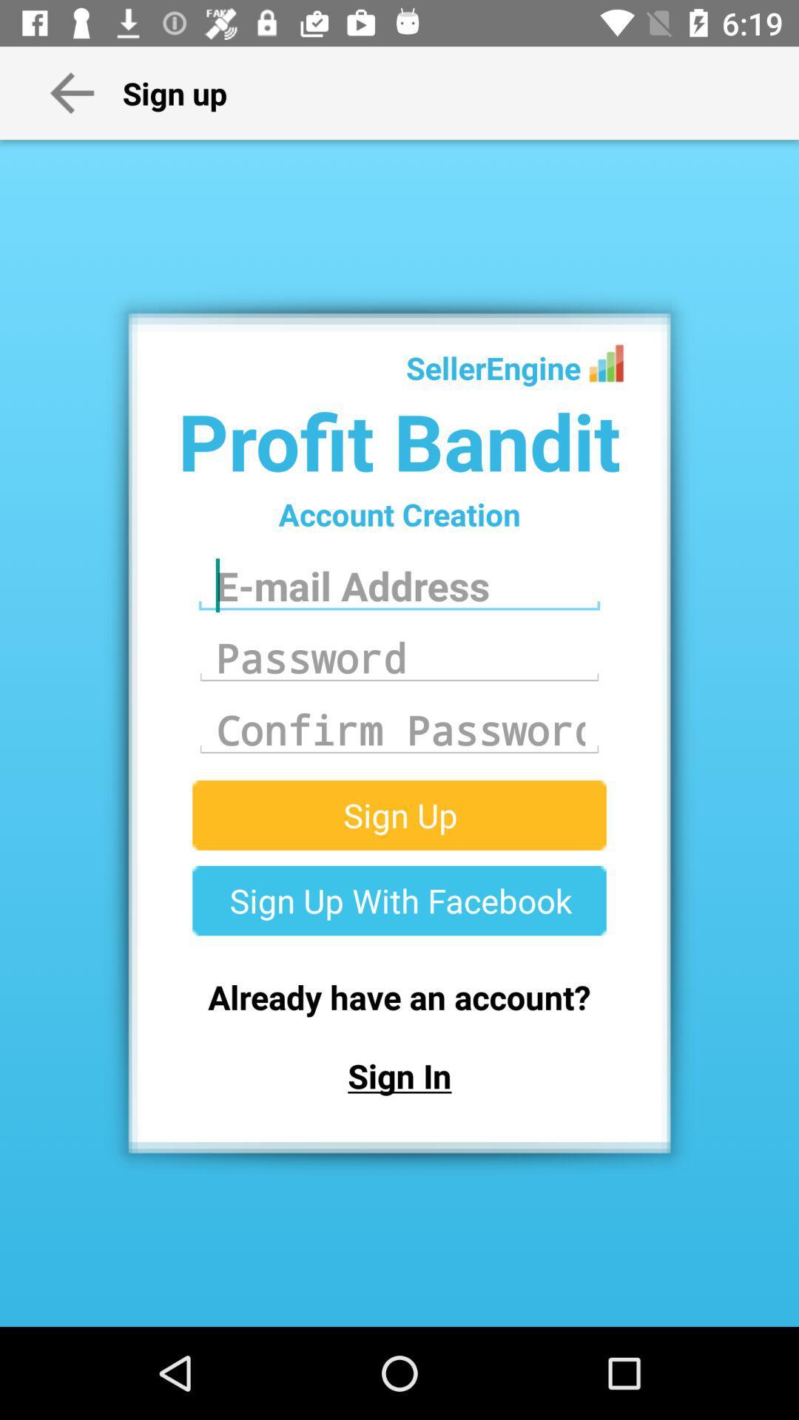 The image size is (799, 1420). What do you see at coordinates (399, 585) in the screenshot?
I see `e-mail address` at bounding box center [399, 585].